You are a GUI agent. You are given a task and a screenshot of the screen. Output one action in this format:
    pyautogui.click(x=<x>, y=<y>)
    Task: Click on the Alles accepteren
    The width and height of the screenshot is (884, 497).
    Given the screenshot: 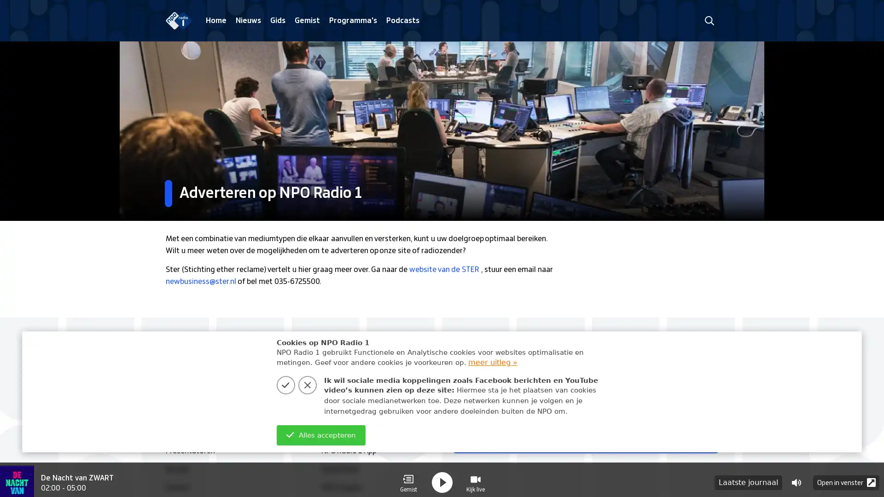 What is the action you would take?
    pyautogui.click(x=320, y=435)
    